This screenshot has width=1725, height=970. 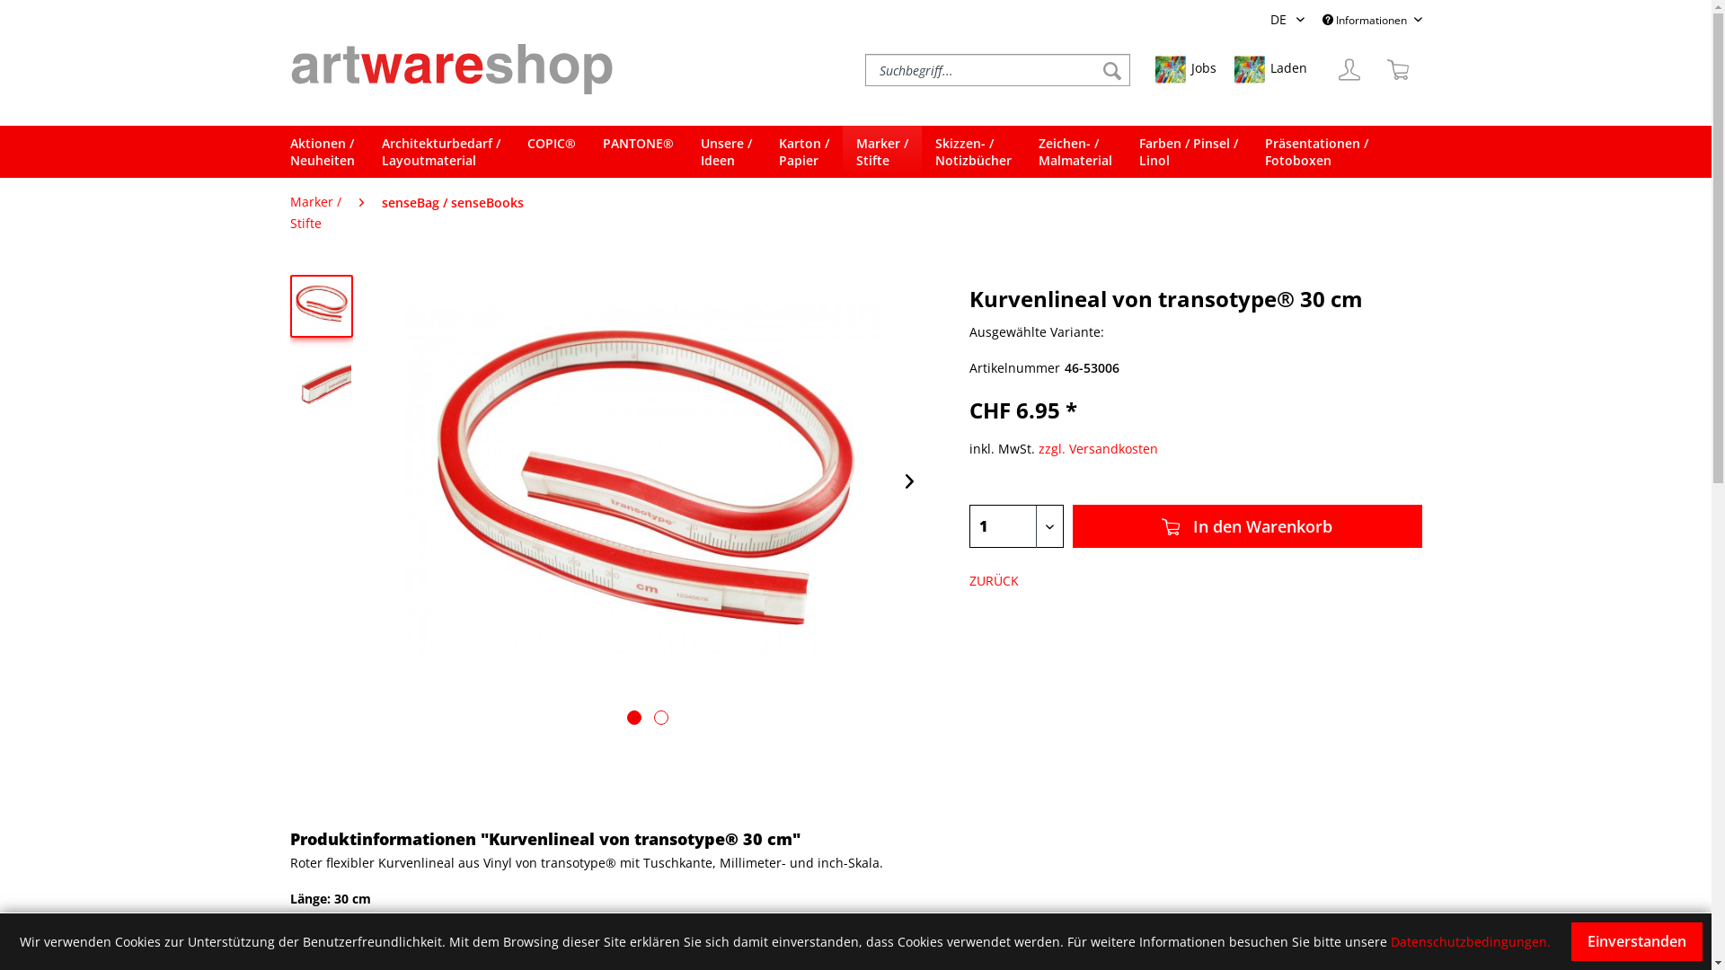 I want to click on 'Architekturbedarf /, so click(x=440, y=151).